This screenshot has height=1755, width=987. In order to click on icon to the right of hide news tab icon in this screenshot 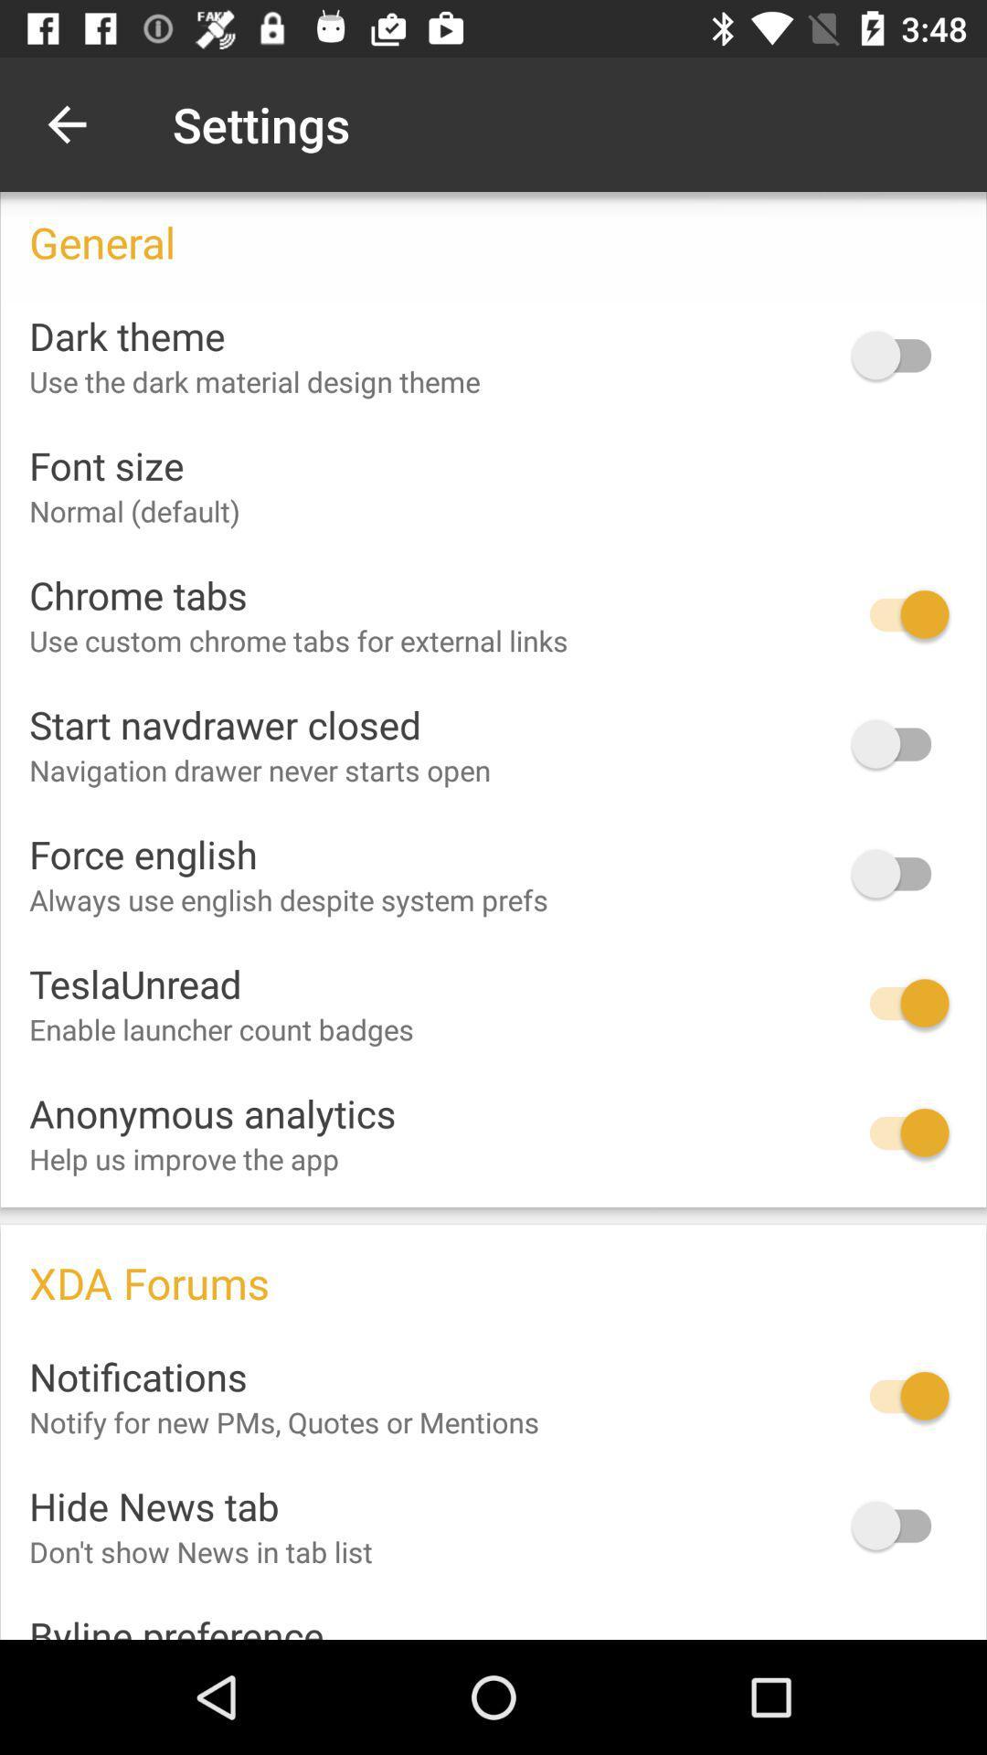, I will do `click(899, 1526)`.